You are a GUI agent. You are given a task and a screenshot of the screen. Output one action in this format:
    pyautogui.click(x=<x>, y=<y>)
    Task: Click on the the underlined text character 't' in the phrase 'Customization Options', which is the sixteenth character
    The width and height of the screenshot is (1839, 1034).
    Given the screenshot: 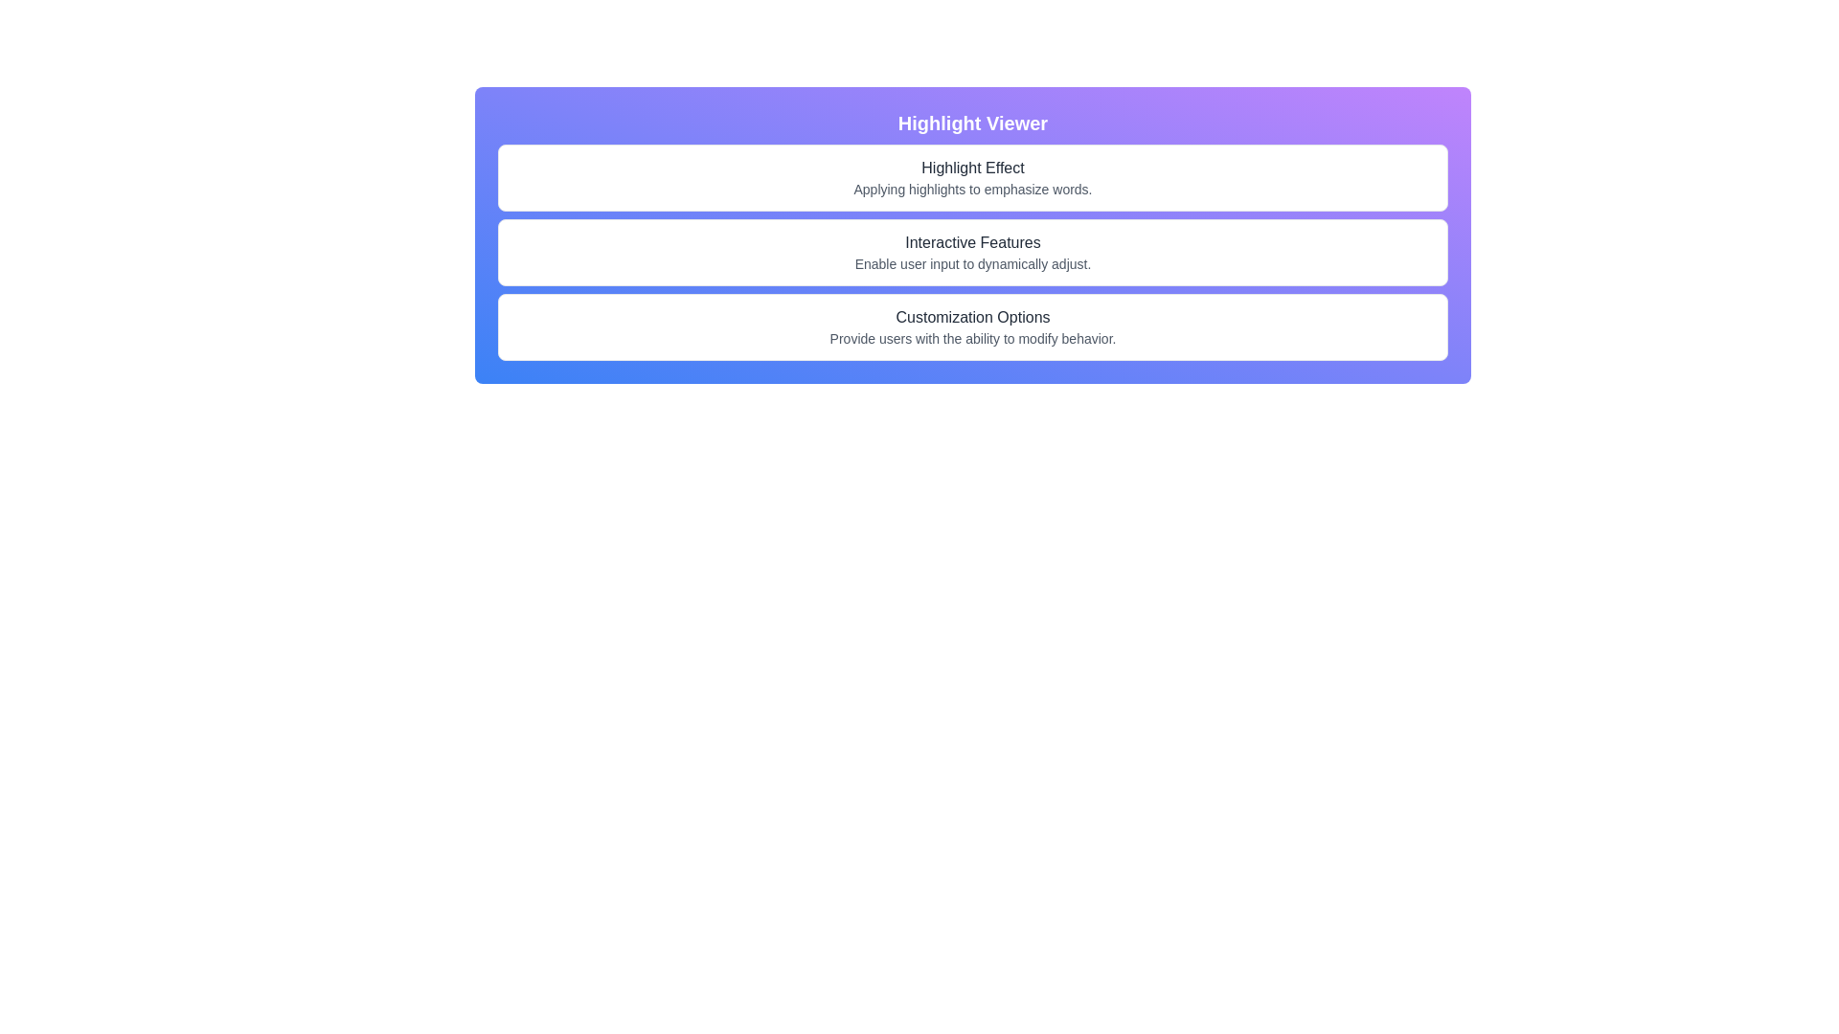 What is the action you would take?
    pyautogui.click(x=1019, y=316)
    